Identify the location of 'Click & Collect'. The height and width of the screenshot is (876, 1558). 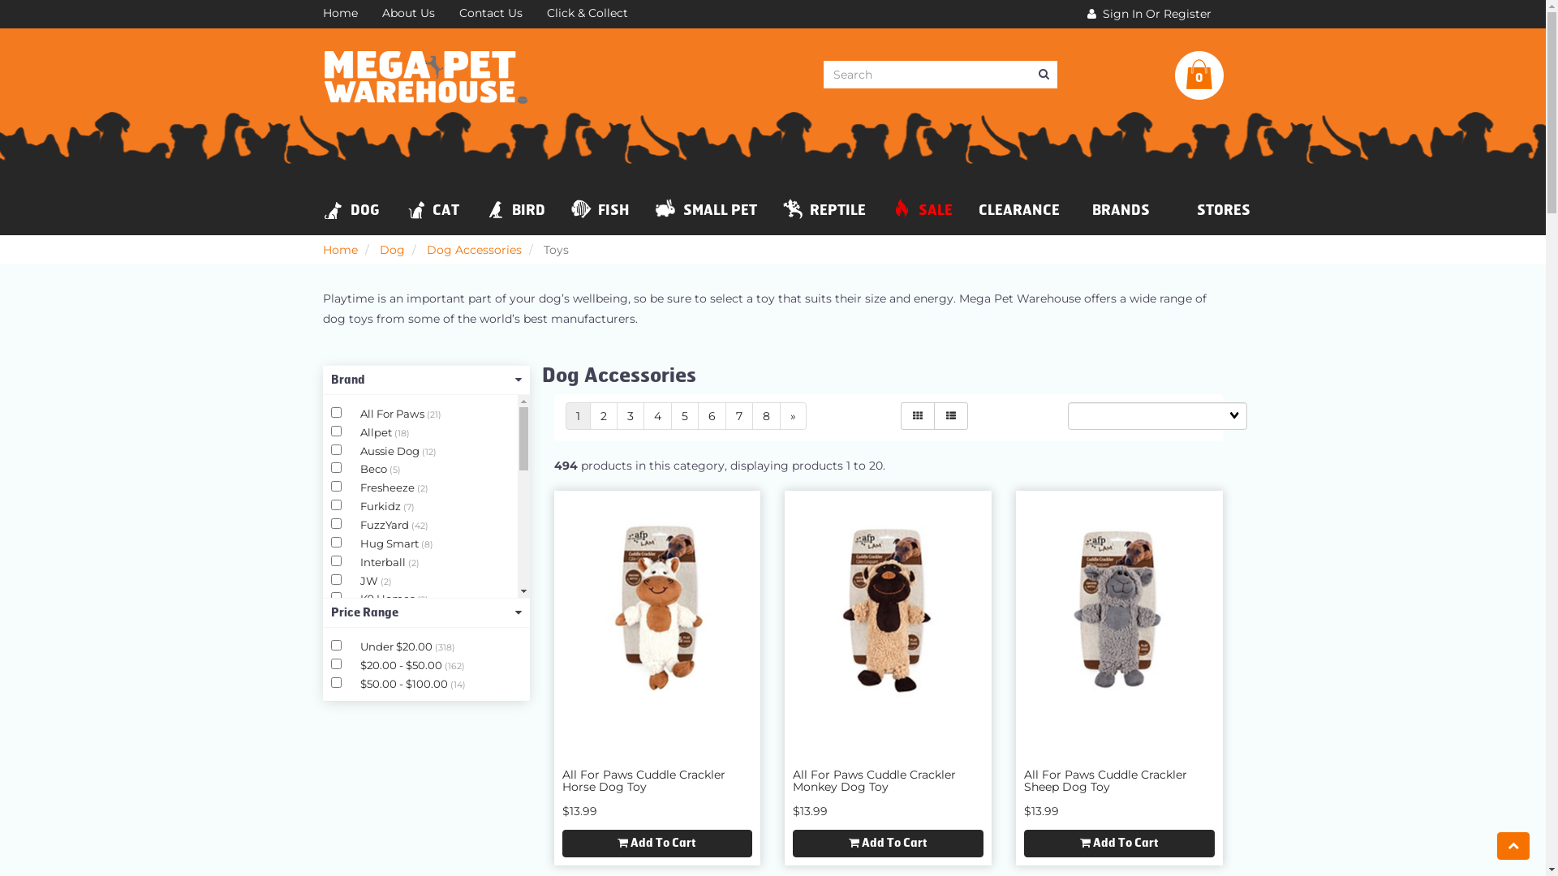
(586, 14).